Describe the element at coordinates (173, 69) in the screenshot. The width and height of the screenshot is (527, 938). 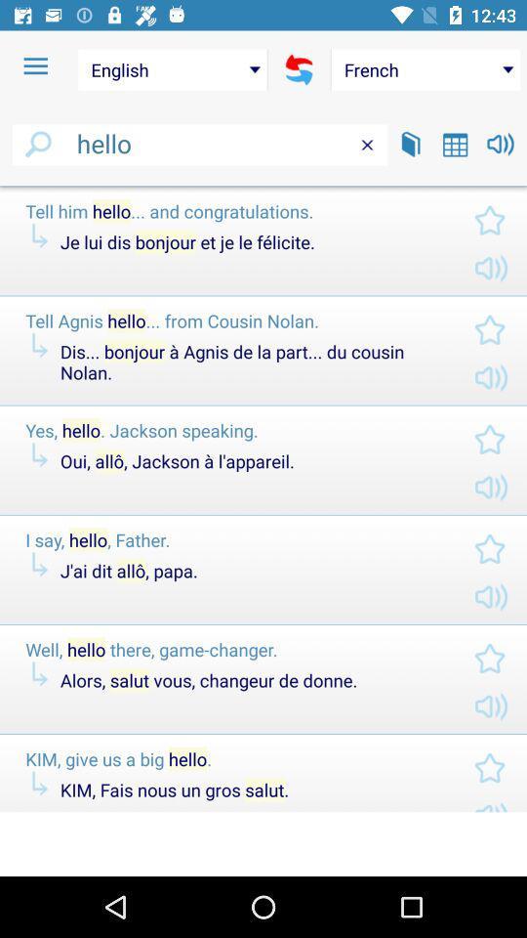
I see `english icon` at that location.